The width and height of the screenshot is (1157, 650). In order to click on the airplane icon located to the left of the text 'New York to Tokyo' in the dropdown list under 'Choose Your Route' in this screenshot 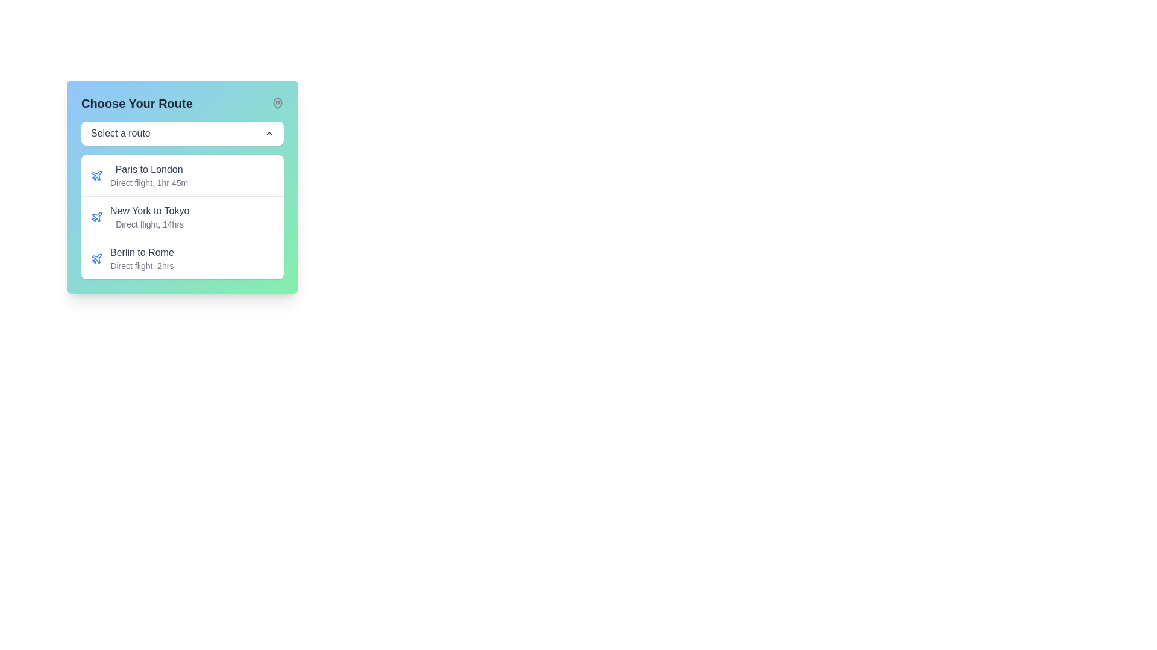, I will do `click(97, 175)`.